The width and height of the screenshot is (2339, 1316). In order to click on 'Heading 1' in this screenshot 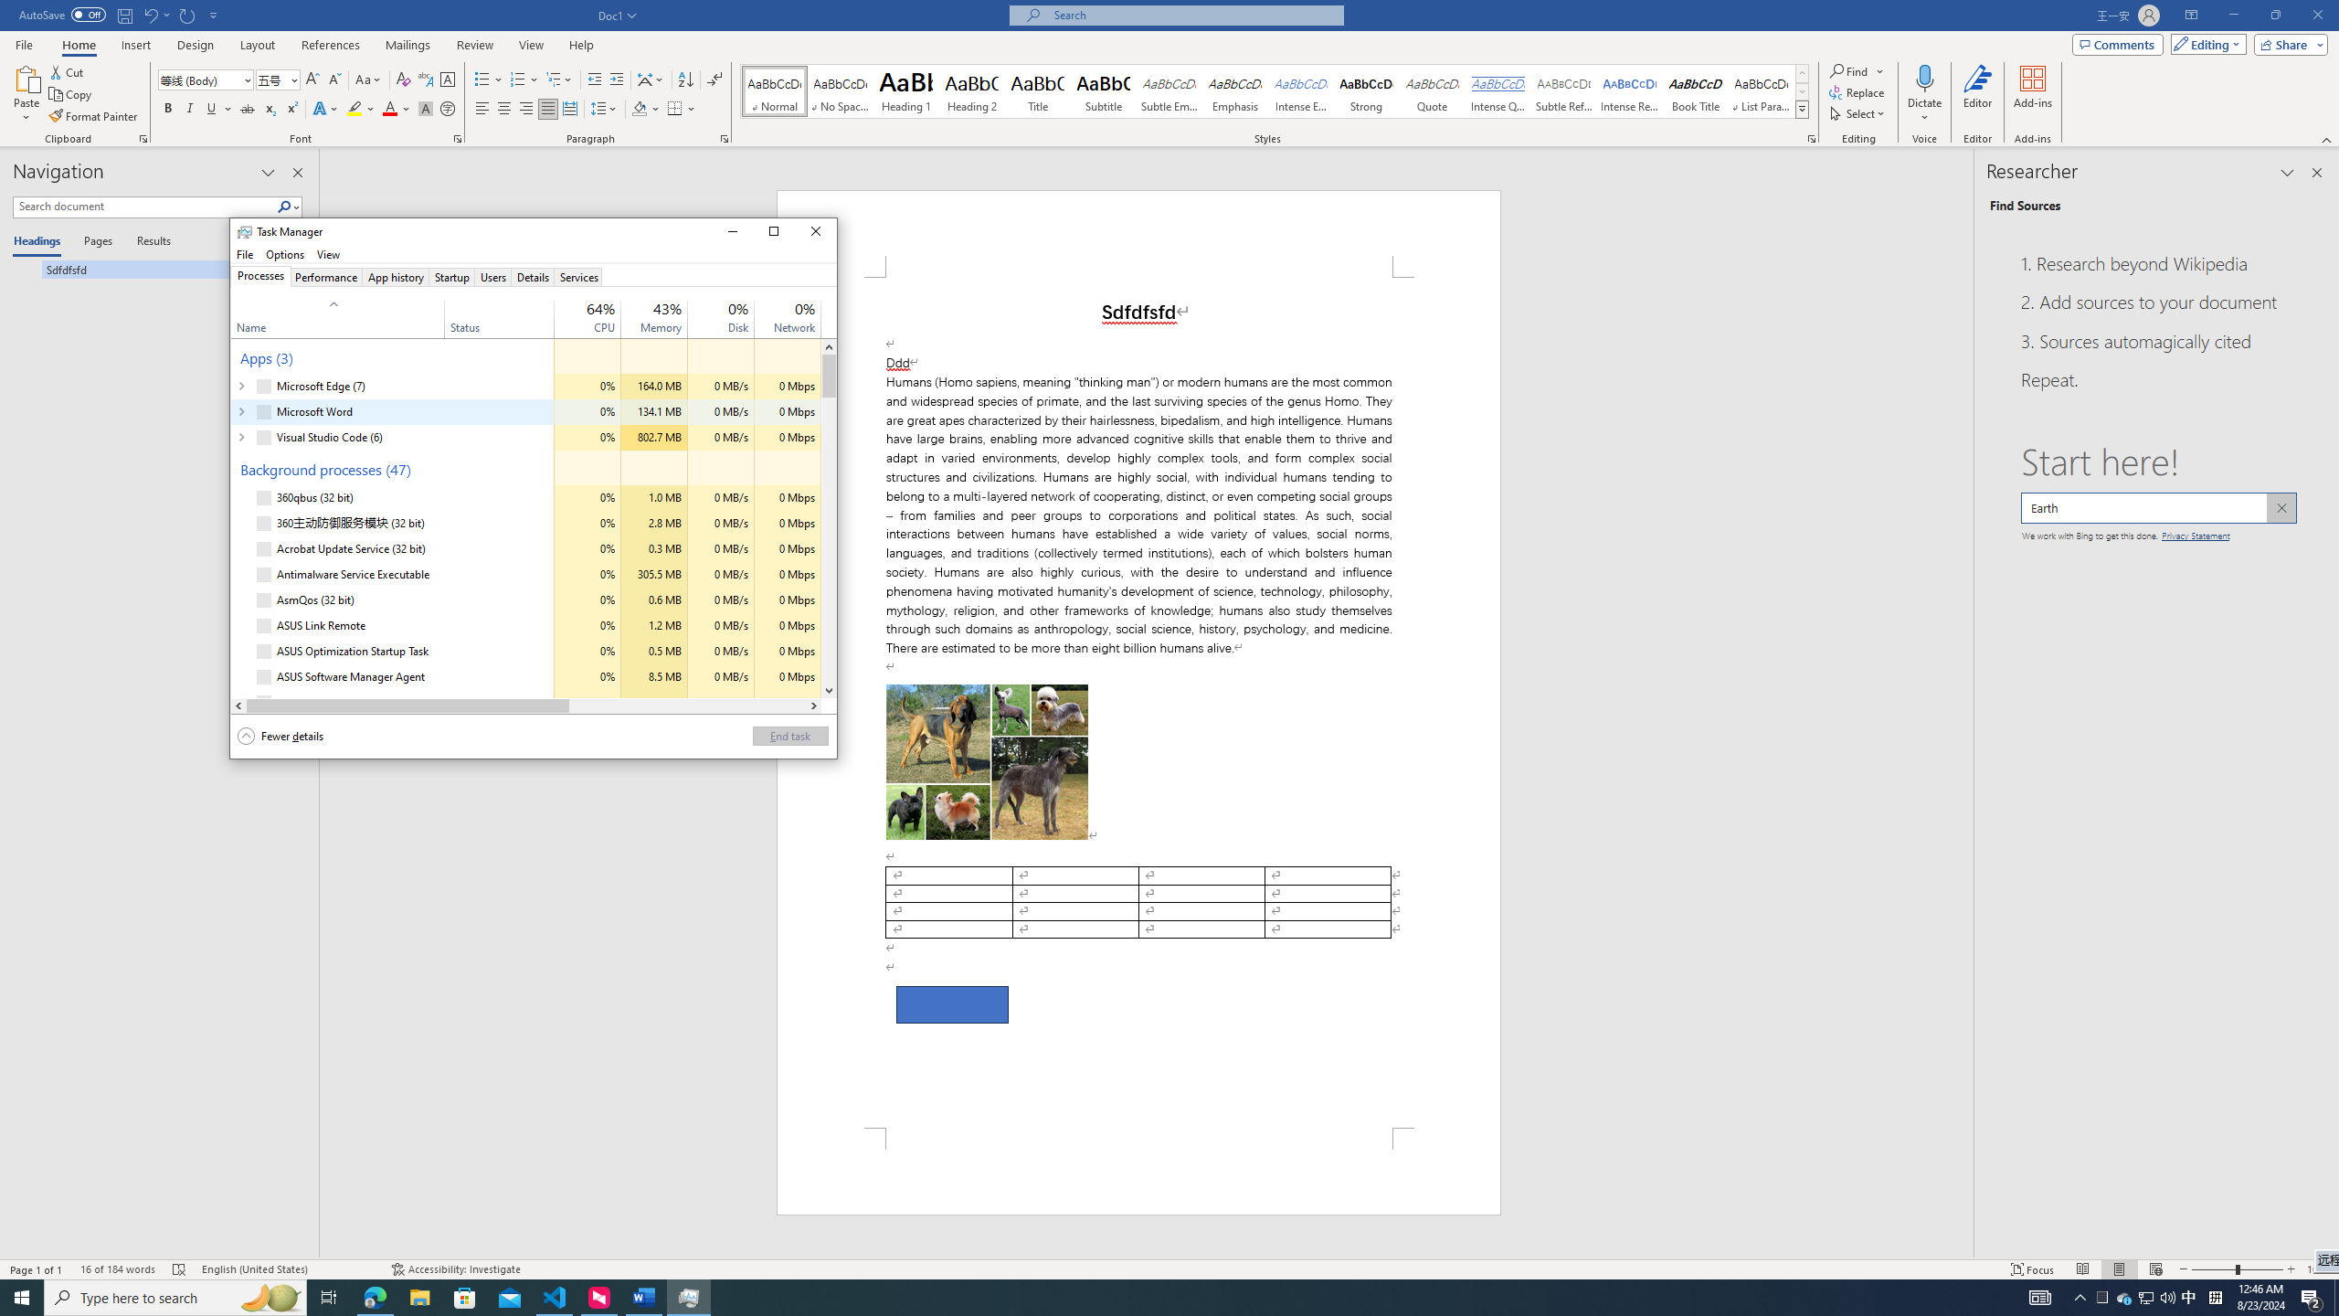, I will do `click(905, 90)`.